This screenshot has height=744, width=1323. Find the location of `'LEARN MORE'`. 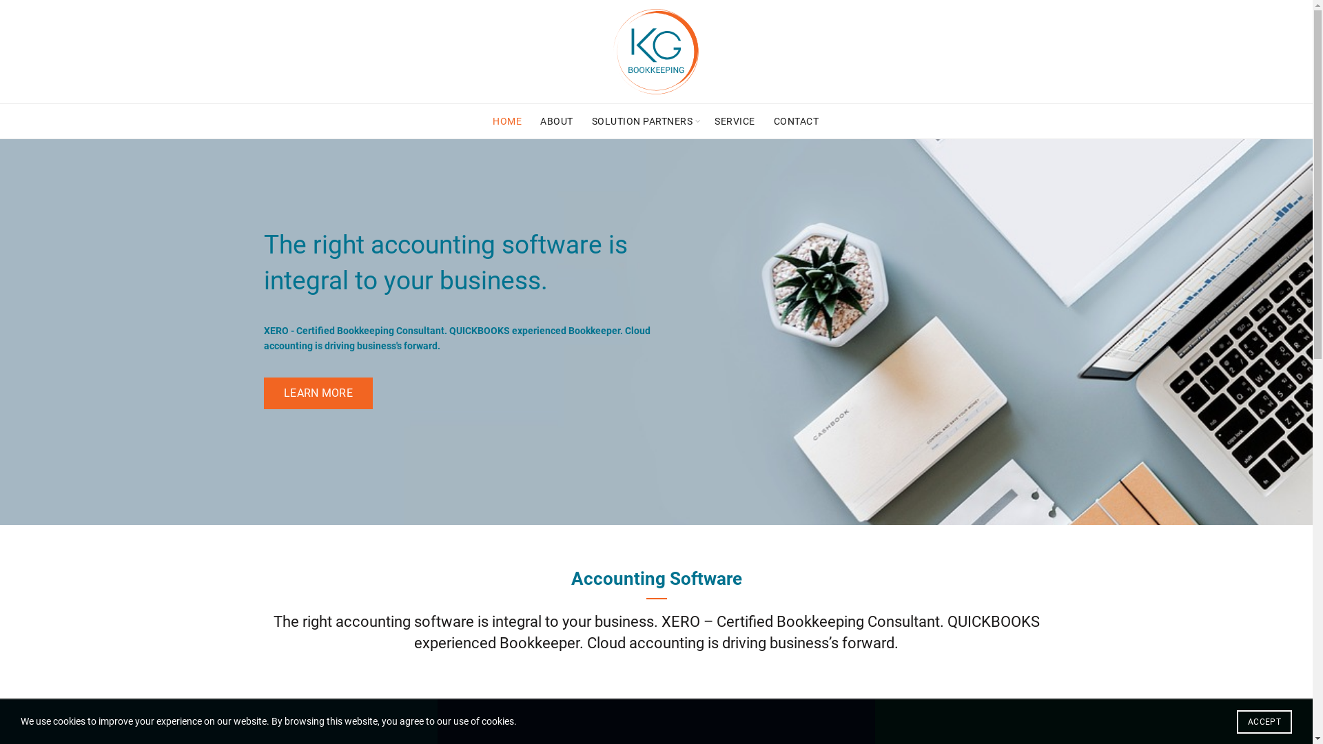

'LEARN MORE' is located at coordinates (263, 393).